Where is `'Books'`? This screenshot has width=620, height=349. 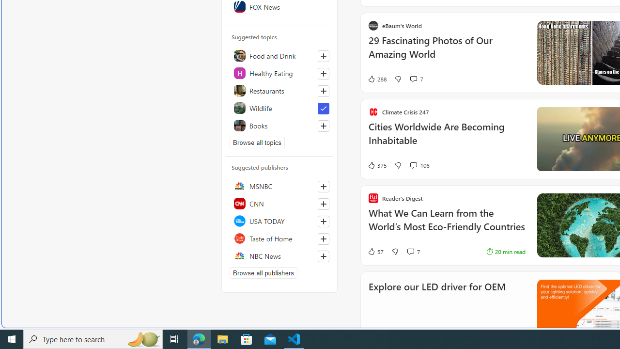
'Books' is located at coordinates (279, 125).